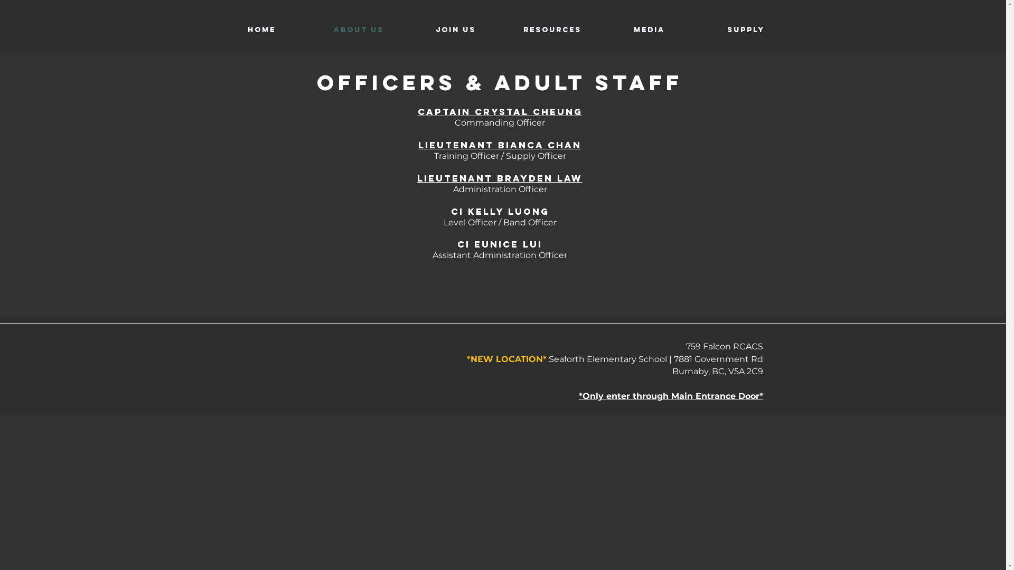 This screenshot has width=1014, height=570. Describe the element at coordinates (649, 30) in the screenshot. I see `'Media'` at that location.